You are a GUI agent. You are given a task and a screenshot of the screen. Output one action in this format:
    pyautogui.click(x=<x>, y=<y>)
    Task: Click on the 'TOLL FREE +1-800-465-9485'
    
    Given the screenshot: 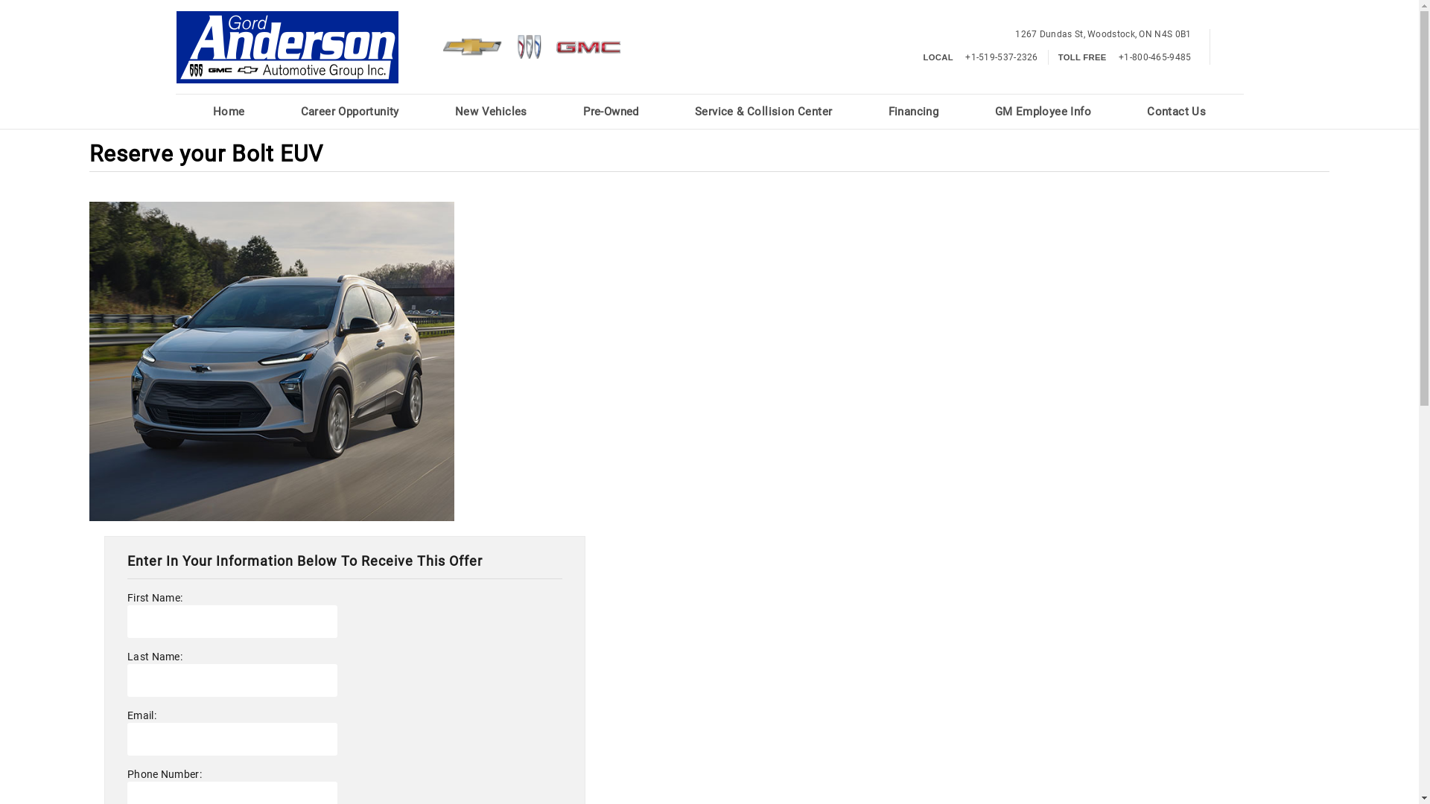 What is the action you would take?
    pyautogui.click(x=1057, y=57)
    